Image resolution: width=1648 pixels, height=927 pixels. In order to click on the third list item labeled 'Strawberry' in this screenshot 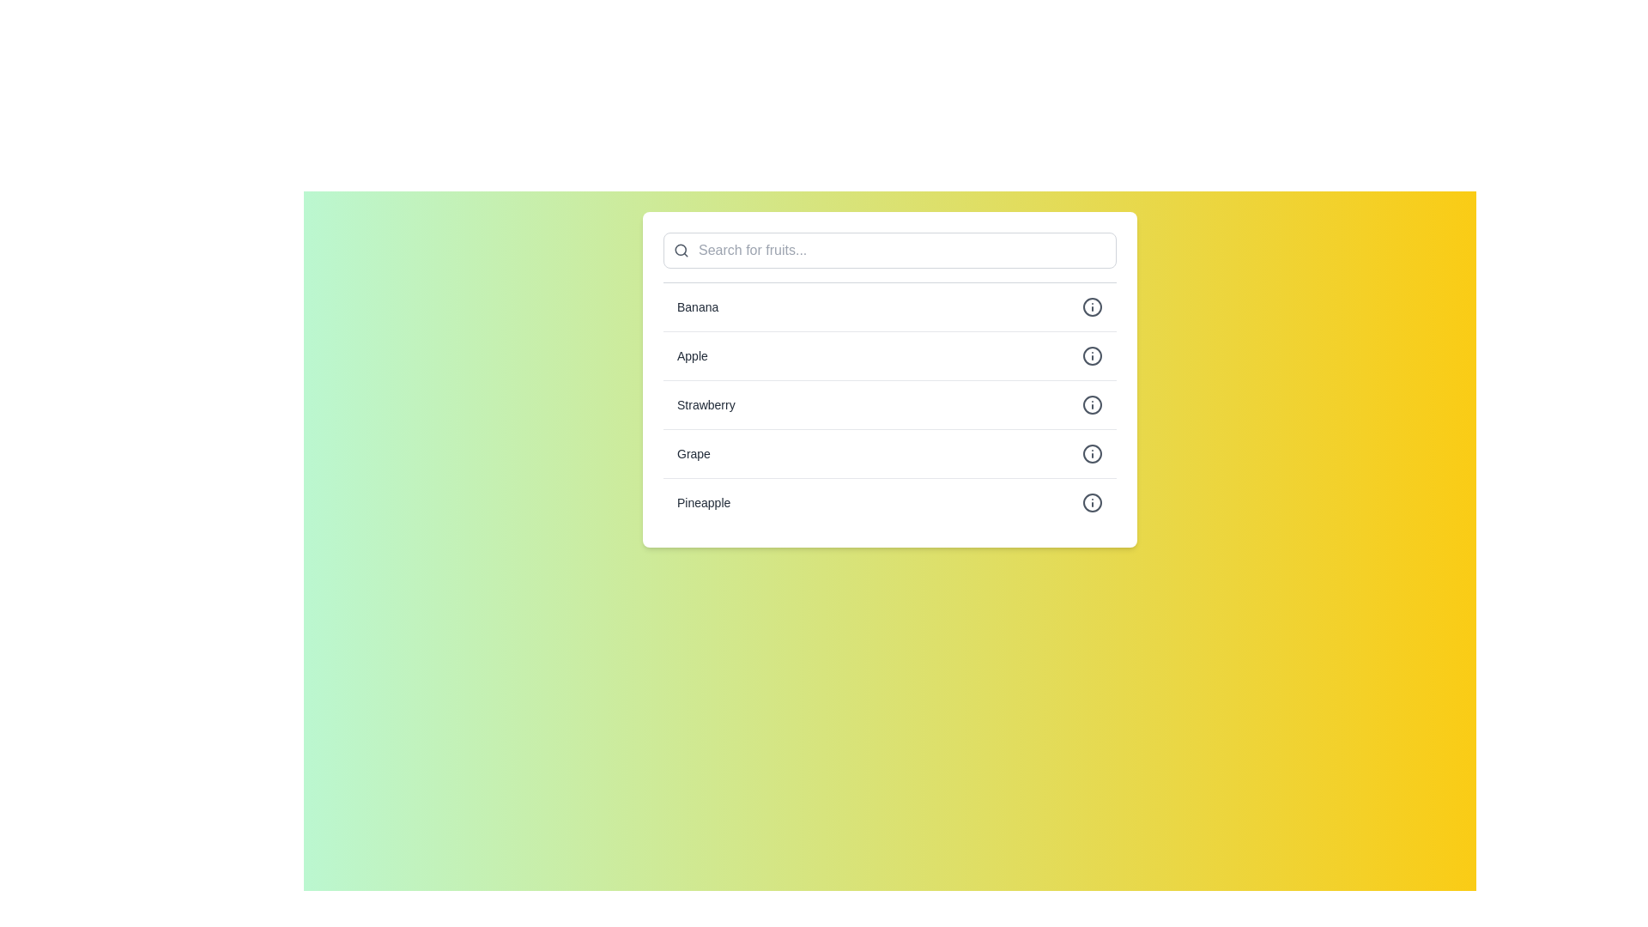, I will do `click(889, 403)`.